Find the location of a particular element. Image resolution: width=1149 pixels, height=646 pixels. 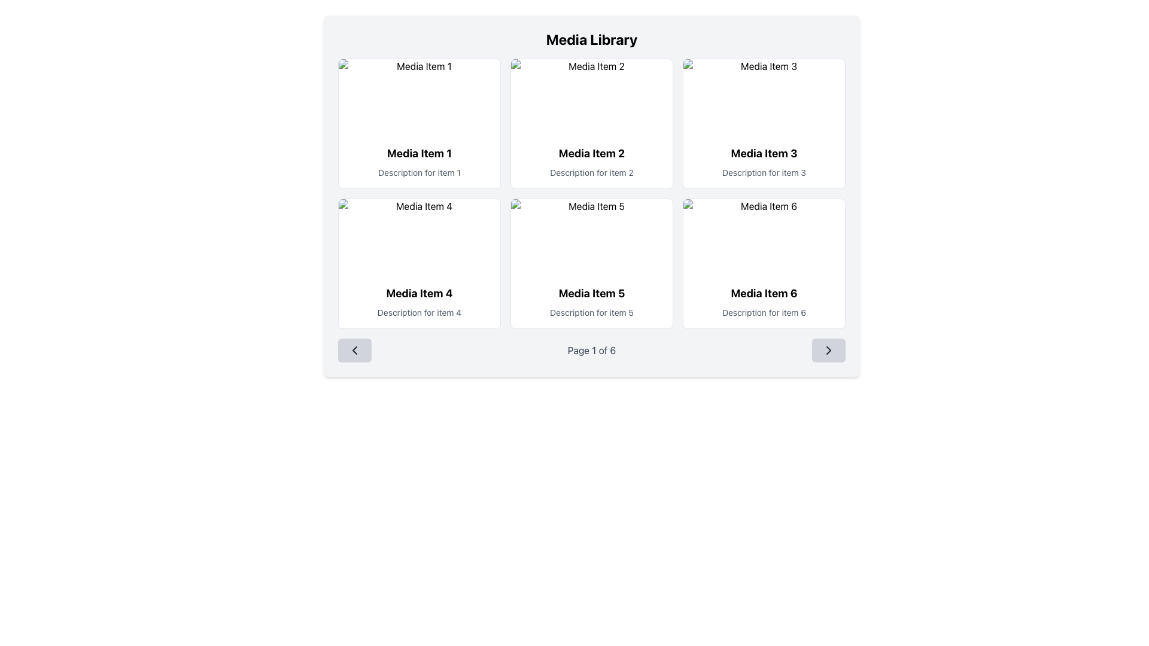

the Media Tile labeled 'Media Item 1' to interact is located at coordinates (419, 161).